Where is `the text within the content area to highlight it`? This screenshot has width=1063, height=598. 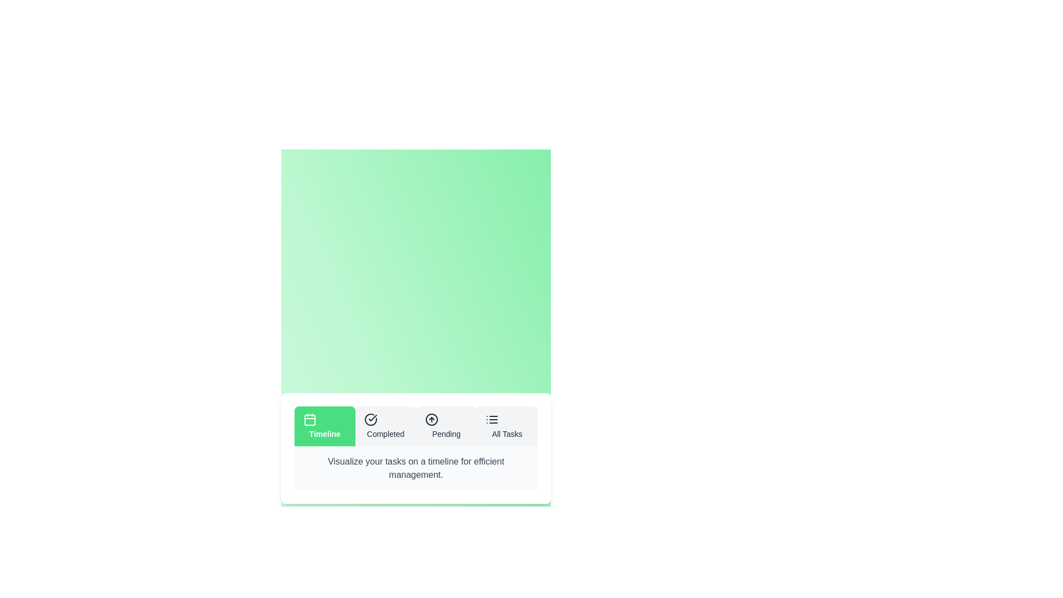 the text within the content area to highlight it is located at coordinates (415, 468).